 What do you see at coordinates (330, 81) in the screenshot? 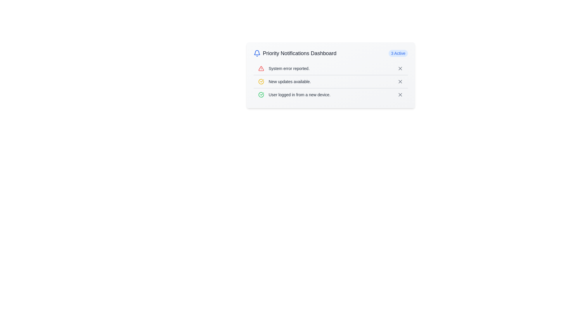
I see `the Notification panel item that informs users about new updates, which is located in the second row of the Priority Notifications Dashboard` at bounding box center [330, 81].